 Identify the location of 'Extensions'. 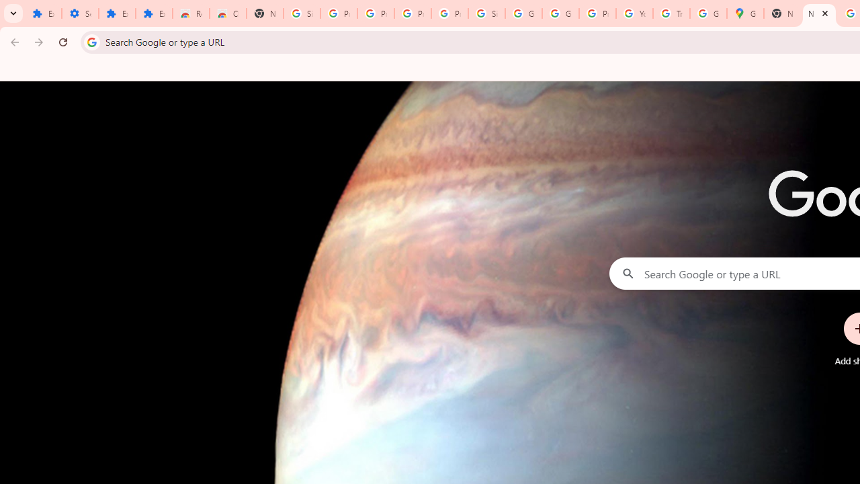
(117, 13).